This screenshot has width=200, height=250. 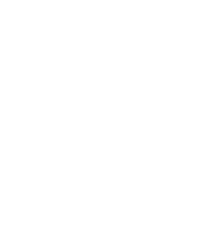 What do you see at coordinates (82, 93) in the screenshot?
I see `'Leapwing StageOne2 — A Mix Real-World Review'` at bounding box center [82, 93].